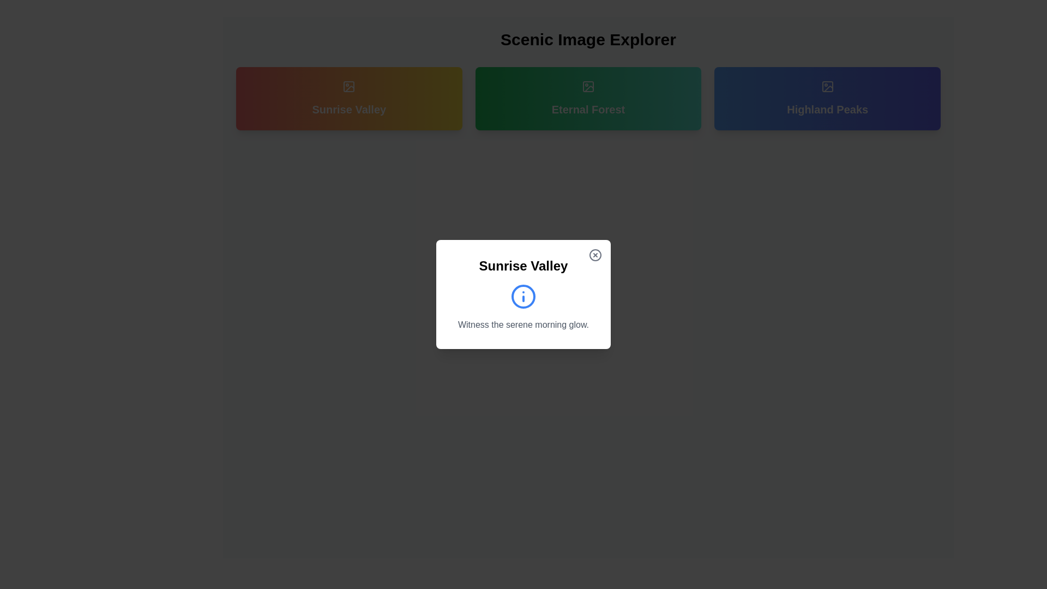 The width and height of the screenshot is (1047, 589). I want to click on the Decorative SVG component (rounded rectangle) located at the center of the 'Sunrise Valley' button, so click(349, 86).